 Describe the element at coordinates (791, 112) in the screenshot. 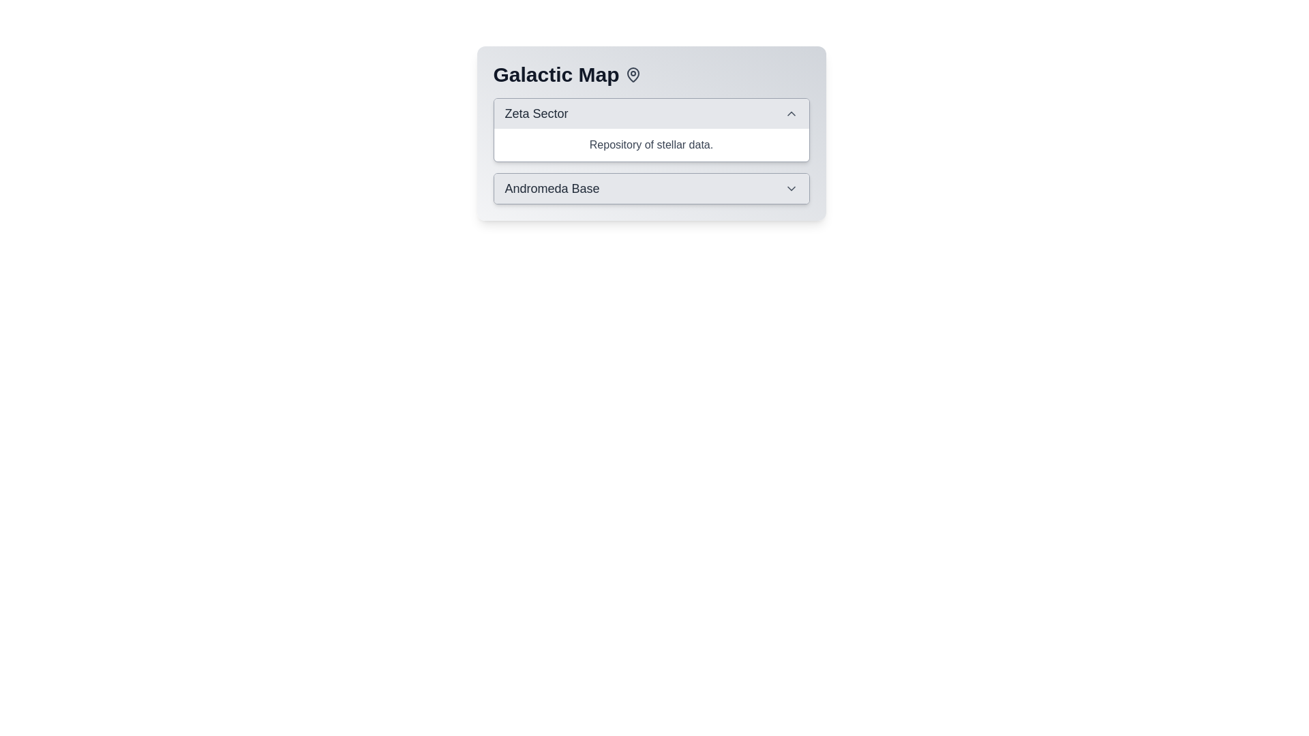

I see `the icon button located at the far-right end of the 'Zeta Sector' section` at that location.